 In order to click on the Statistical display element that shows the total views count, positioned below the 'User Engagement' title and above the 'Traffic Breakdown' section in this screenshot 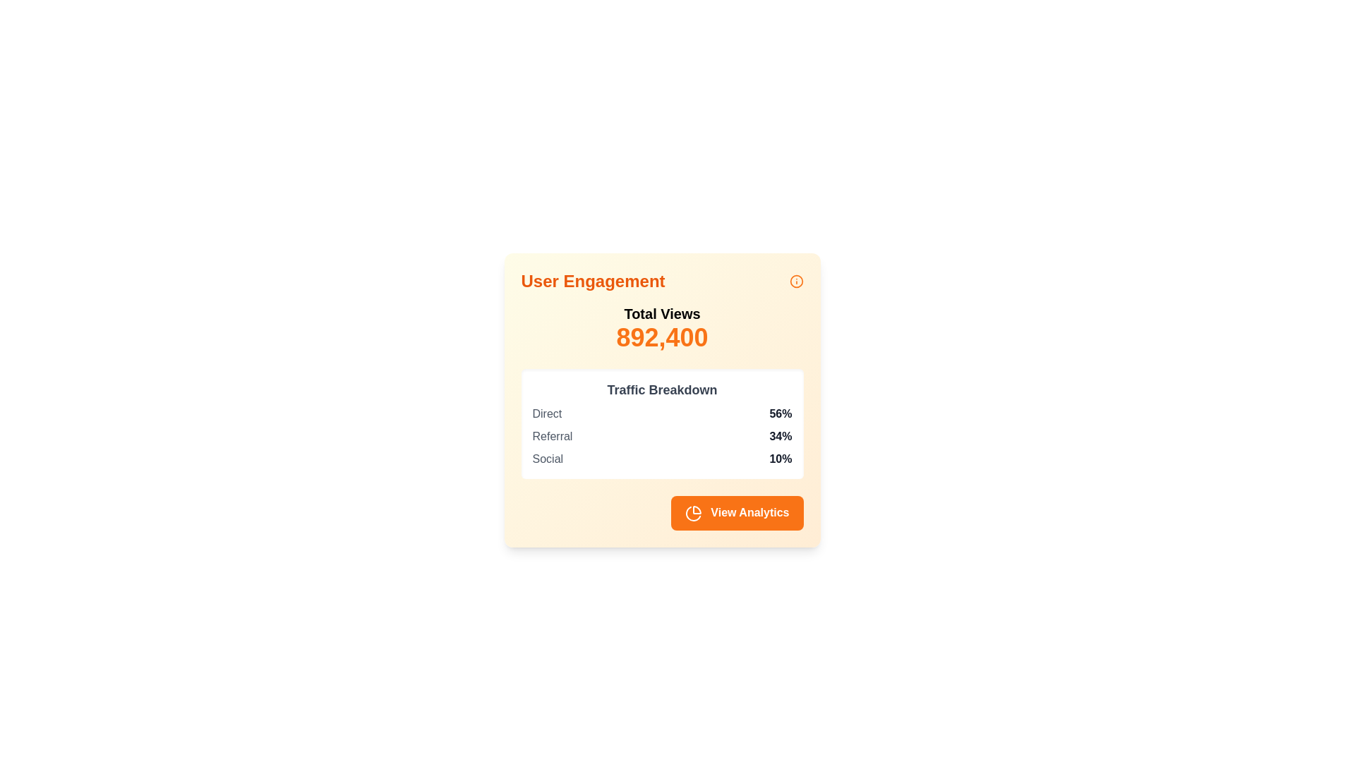, I will do `click(661, 328)`.